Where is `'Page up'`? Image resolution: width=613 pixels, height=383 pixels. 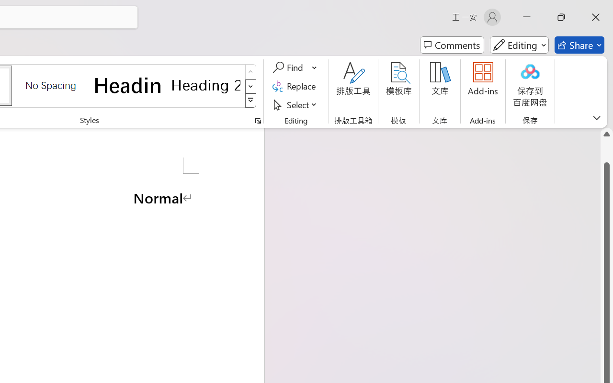 'Page up' is located at coordinates (606, 151).